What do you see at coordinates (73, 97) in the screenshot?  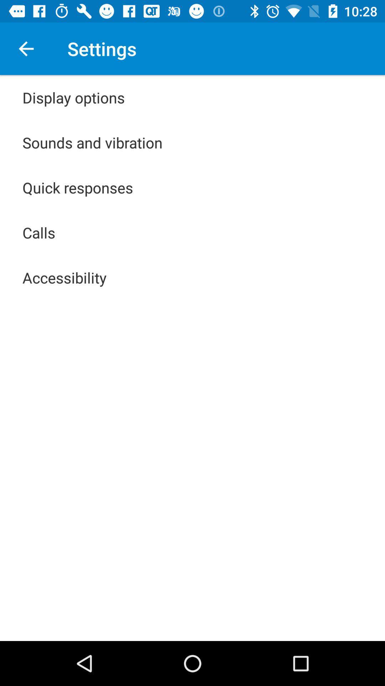 I see `display options app` at bounding box center [73, 97].